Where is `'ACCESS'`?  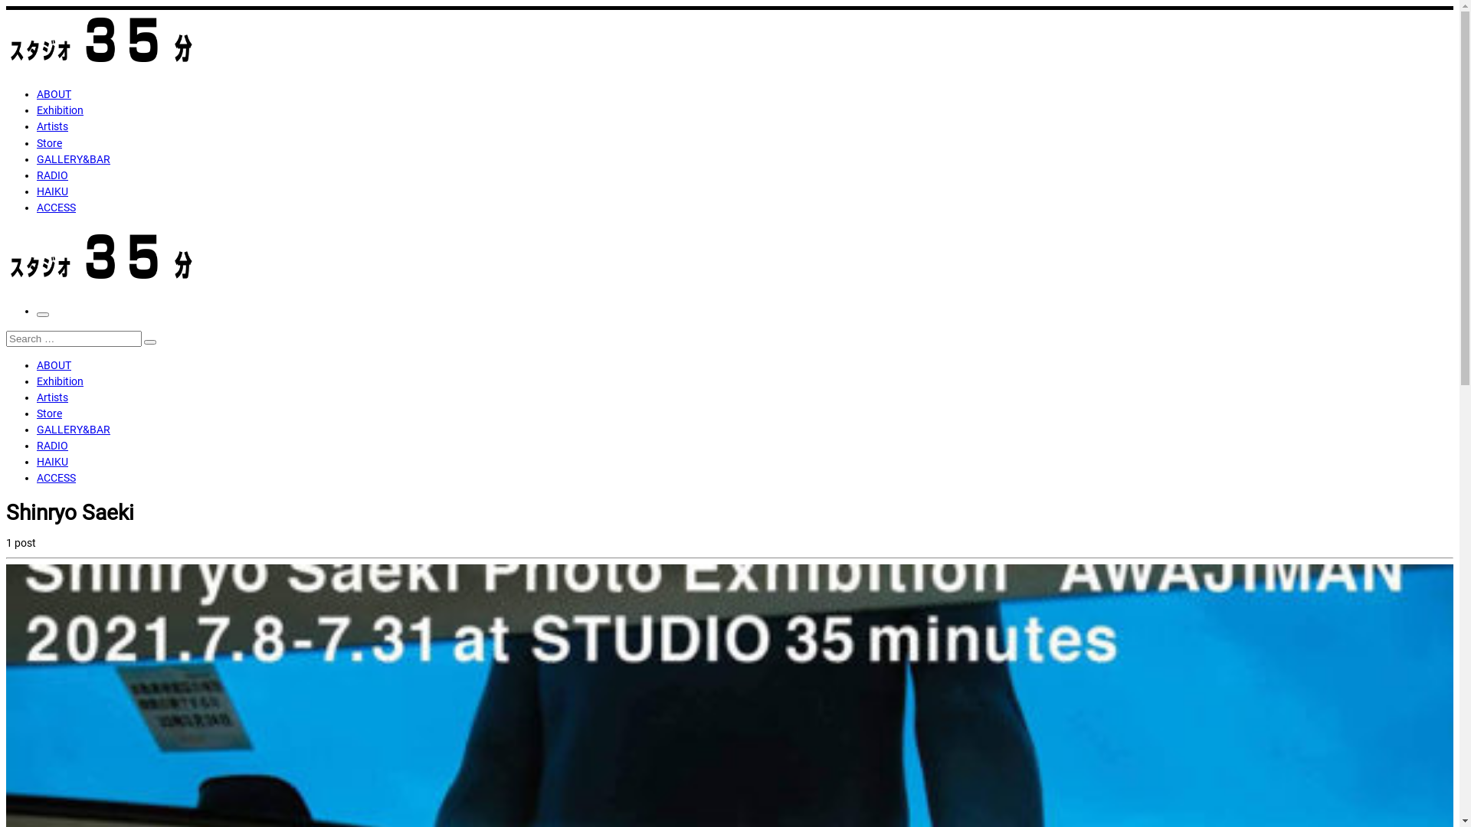
'ACCESS' is located at coordinates (37, 207).